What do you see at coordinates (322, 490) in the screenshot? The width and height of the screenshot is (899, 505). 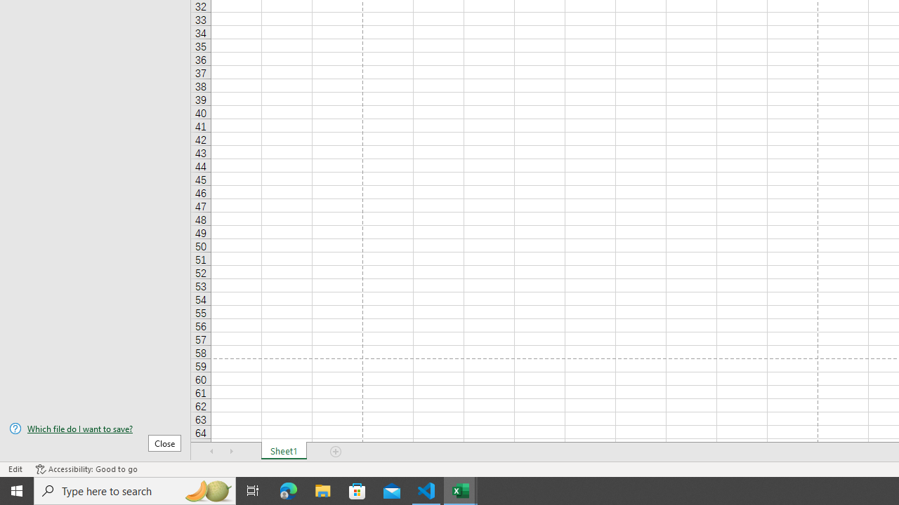 I see `'File Explorer'` at bounding box center [322, 490].